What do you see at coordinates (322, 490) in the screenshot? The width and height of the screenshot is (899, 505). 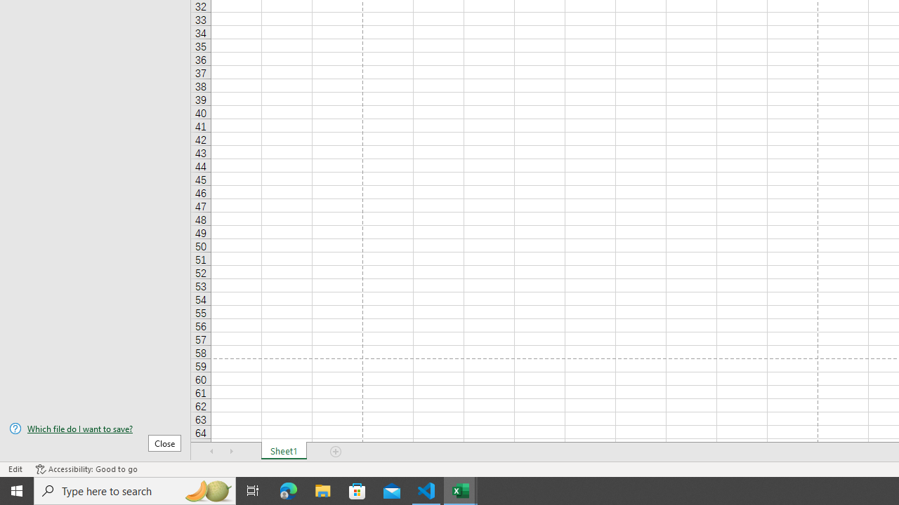 I see `'File Explorer'` at bounding box center [322, 490].